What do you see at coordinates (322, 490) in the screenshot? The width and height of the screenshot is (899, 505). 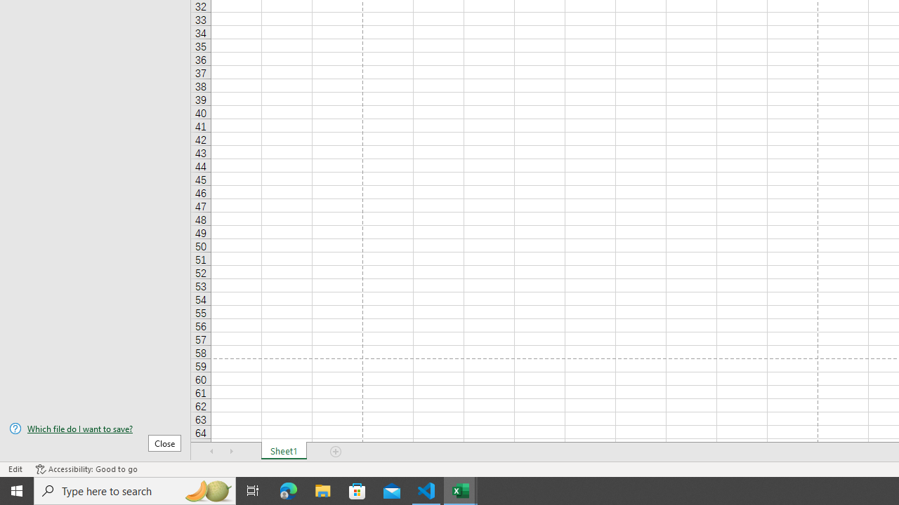 I see `'File Explorer'` at bounding box center [322, 490].